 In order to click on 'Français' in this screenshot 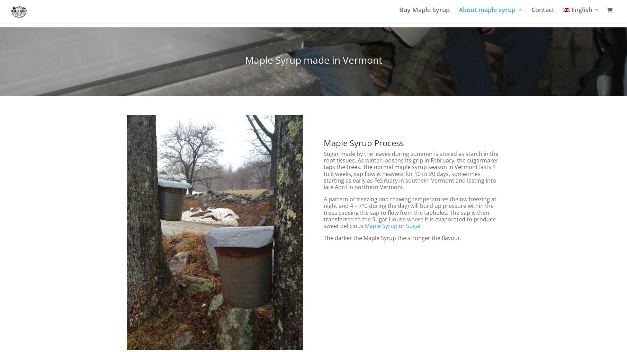, I will do `click(597, 56)`.